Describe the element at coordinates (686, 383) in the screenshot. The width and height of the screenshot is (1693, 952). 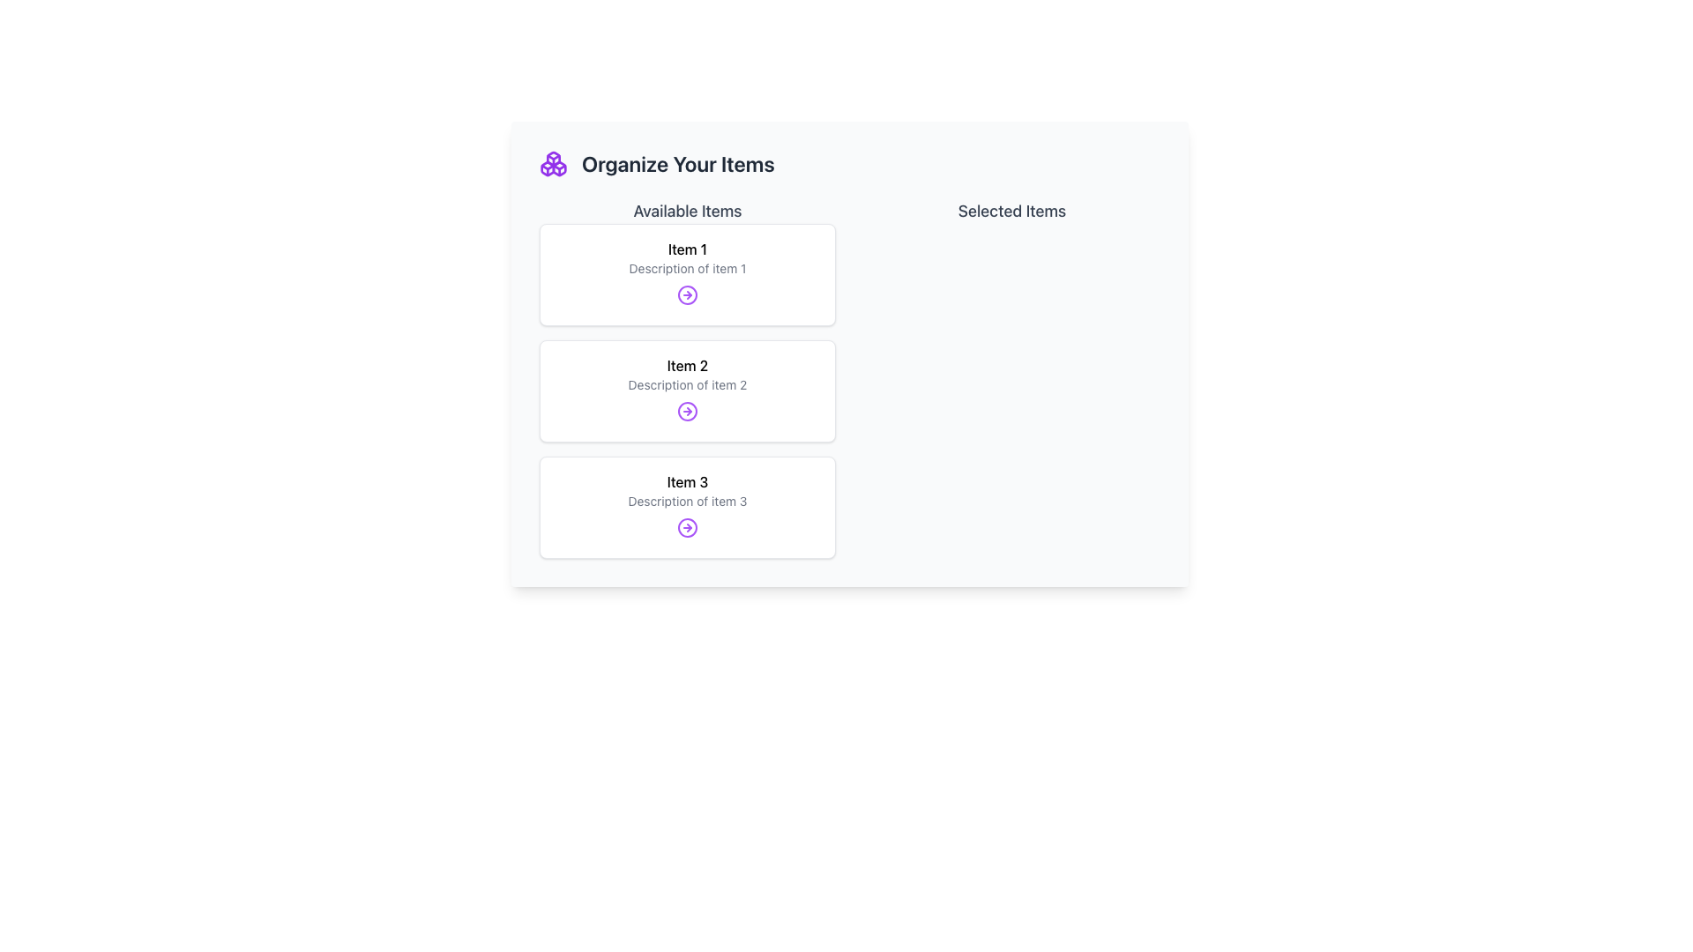
I see `the descriptive text label beneath the 'Item 2' heading in the second card of the 'Available Items' section` at that location.